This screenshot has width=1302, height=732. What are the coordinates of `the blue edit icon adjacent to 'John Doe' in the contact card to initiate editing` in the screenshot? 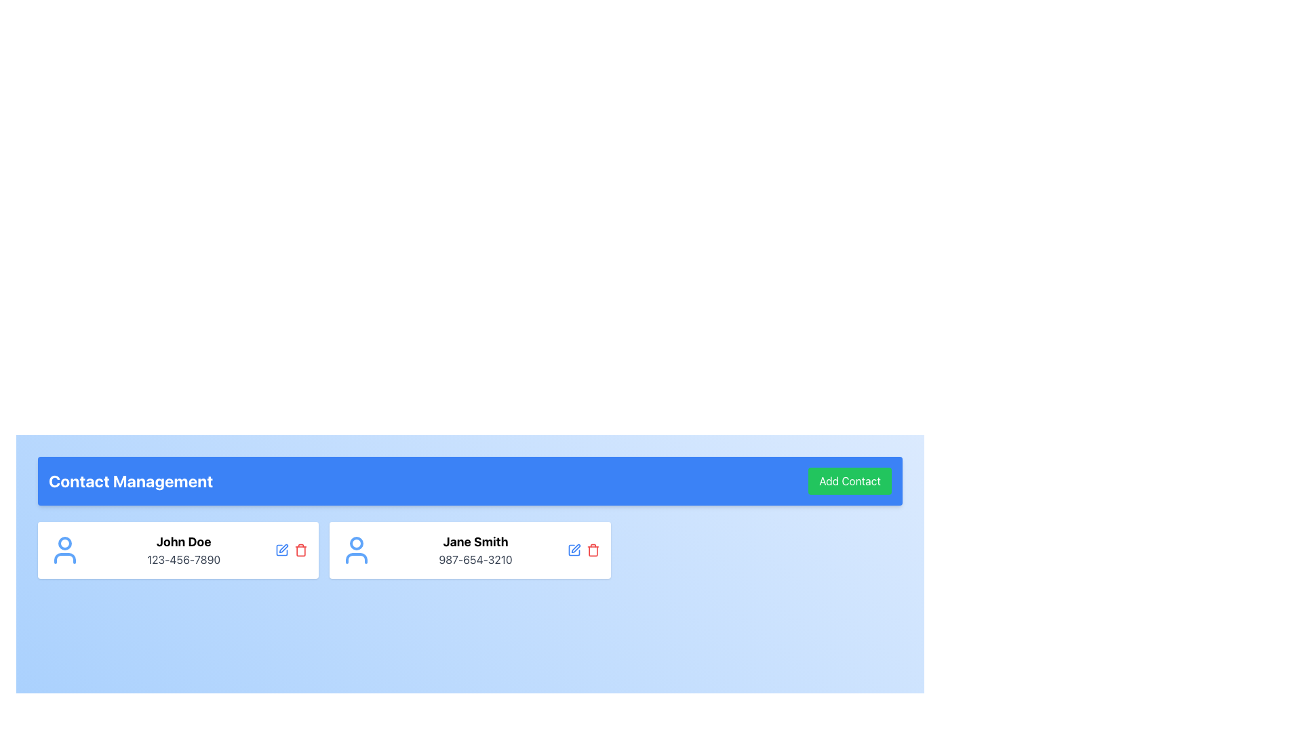 It's located at (281, 550).